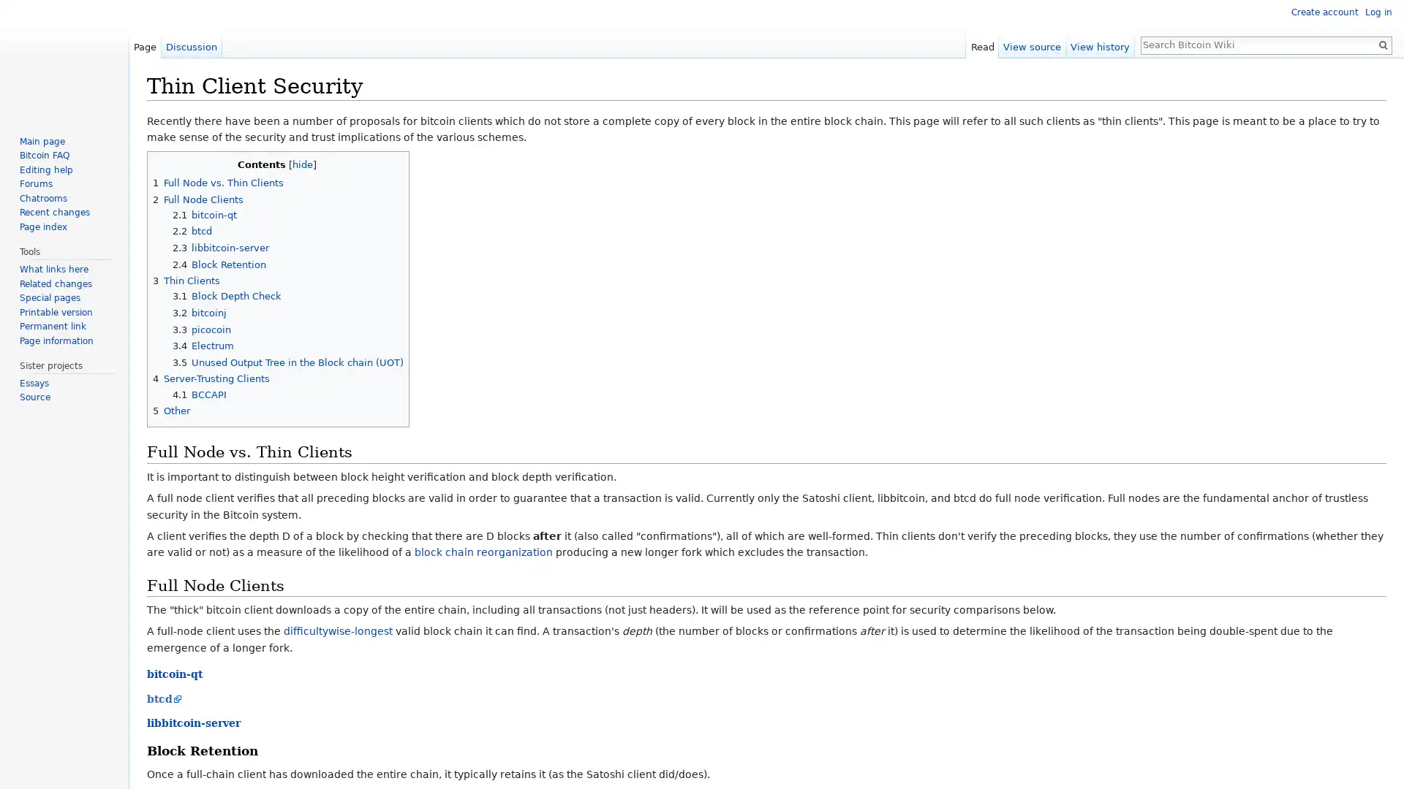  Describe the element at coordinates (301, 164) in the screenshot. I see `hide` at that location.